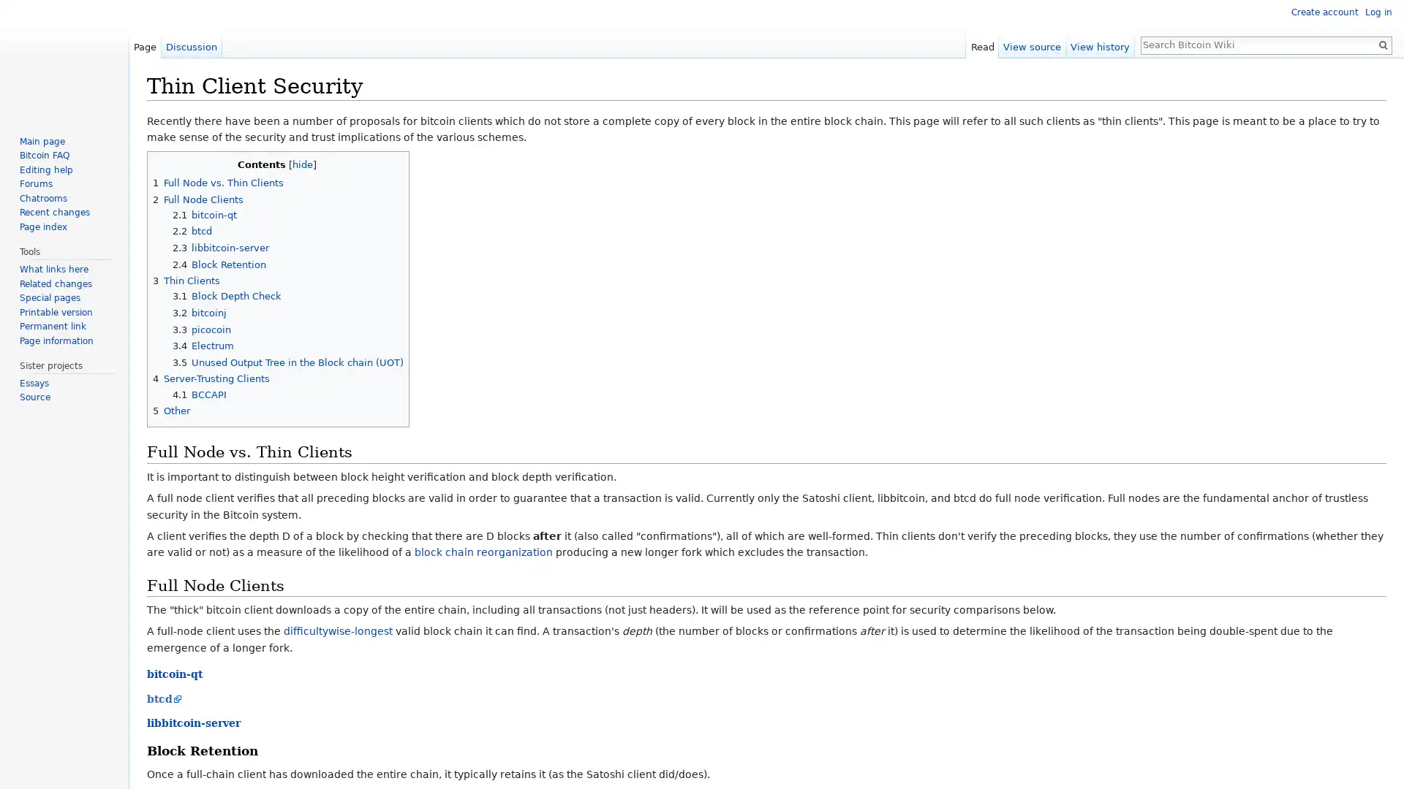  Describe the element at coordinates (301, 164) in the screenshot. I see `hide` at that location.